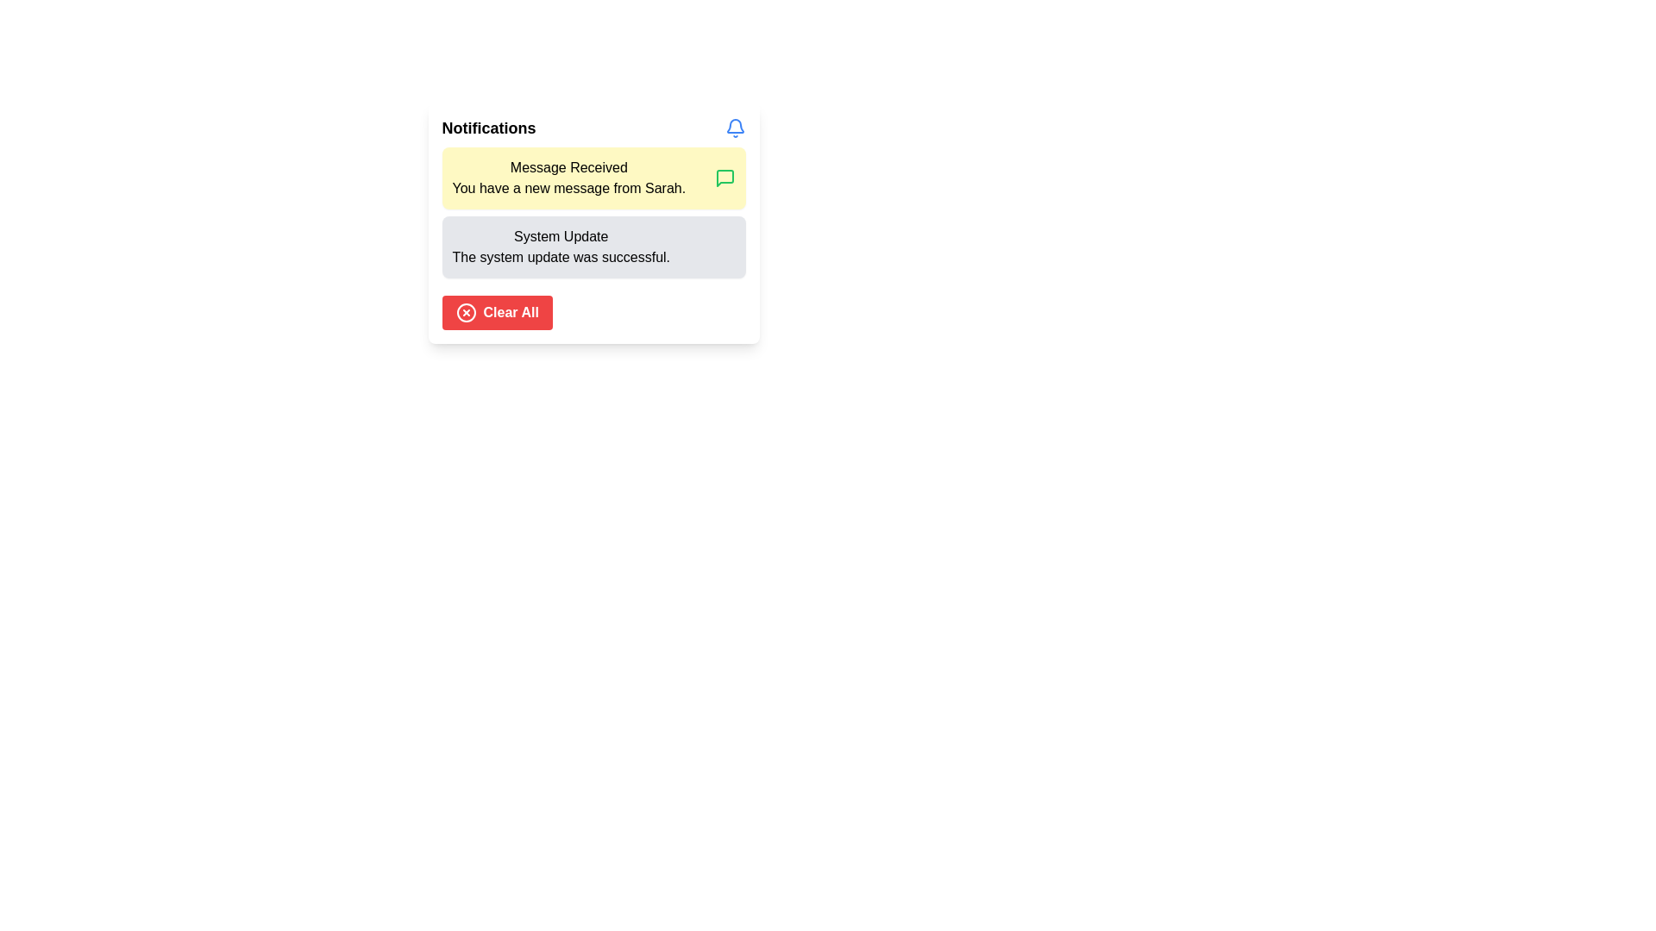 The height and width of the screenshot is (931, 1656). I want to click on the SVG speech bubble icon located in the notification section at the top-right corner near the bell icon, so click(724, 178).